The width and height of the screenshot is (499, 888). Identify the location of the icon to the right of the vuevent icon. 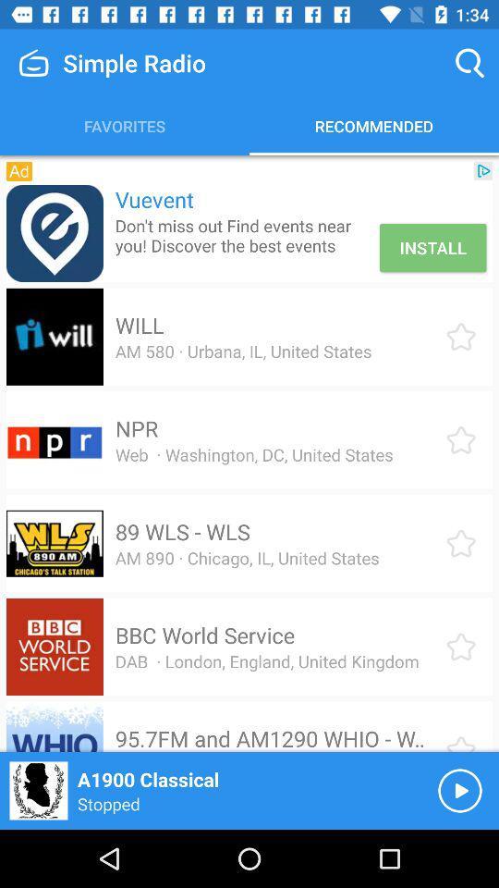
(483, 170).